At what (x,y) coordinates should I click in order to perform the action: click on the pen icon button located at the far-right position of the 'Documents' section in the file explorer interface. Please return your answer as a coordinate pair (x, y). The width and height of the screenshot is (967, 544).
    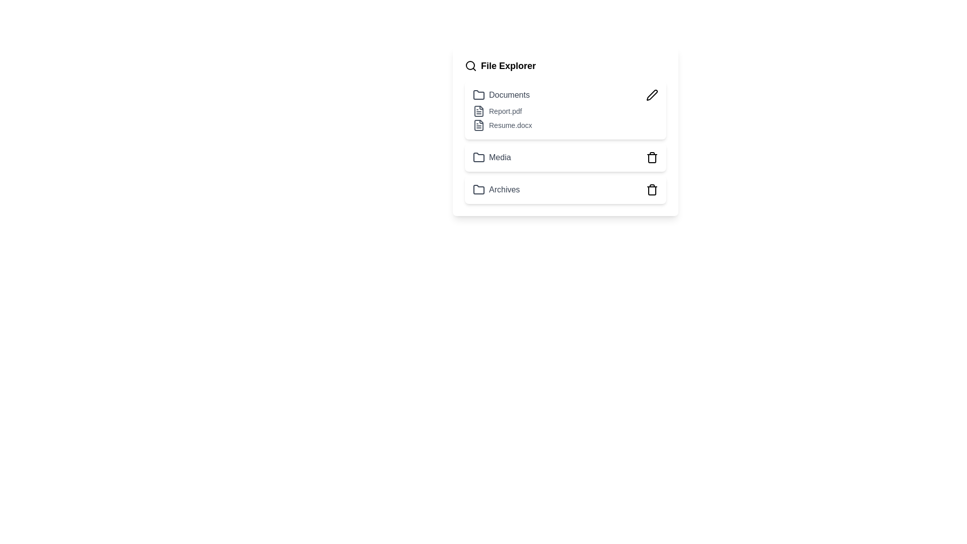
    Looking at the image, I should click on (652, 95).